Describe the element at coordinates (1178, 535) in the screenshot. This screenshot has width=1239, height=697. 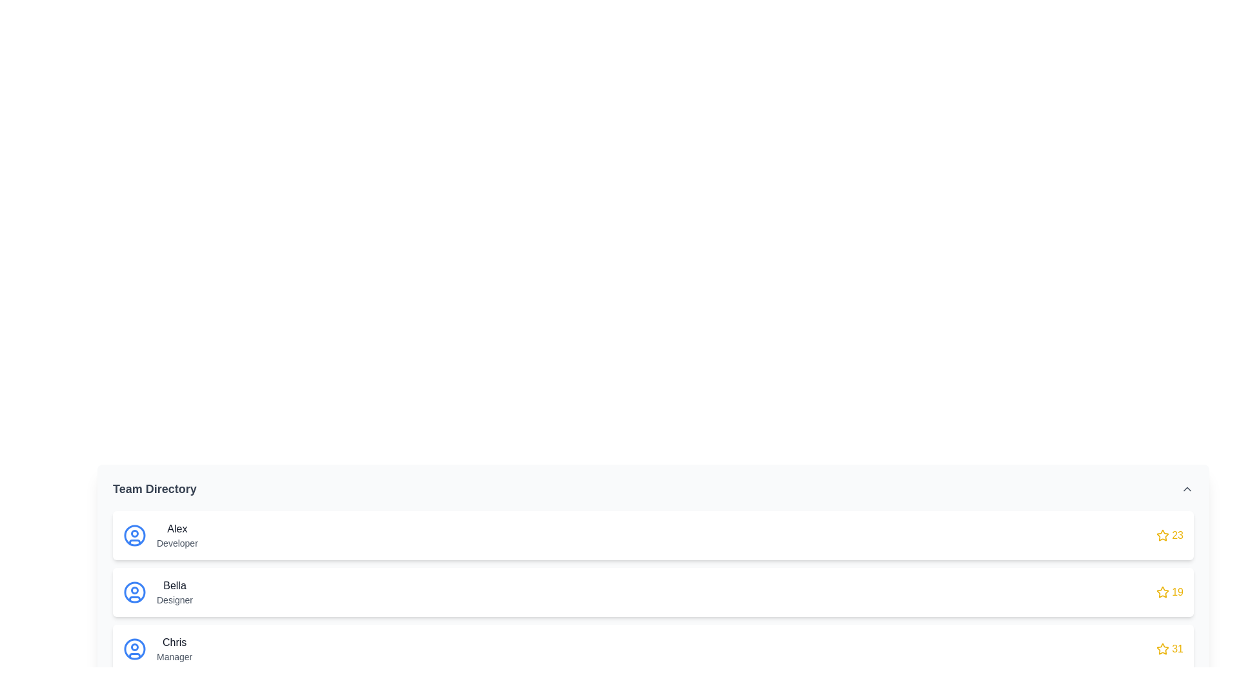
I see `text displayed in the yellow Text Label showing the number '23', located after a yellow star icon in the top-right corner of the user entry` at that location.